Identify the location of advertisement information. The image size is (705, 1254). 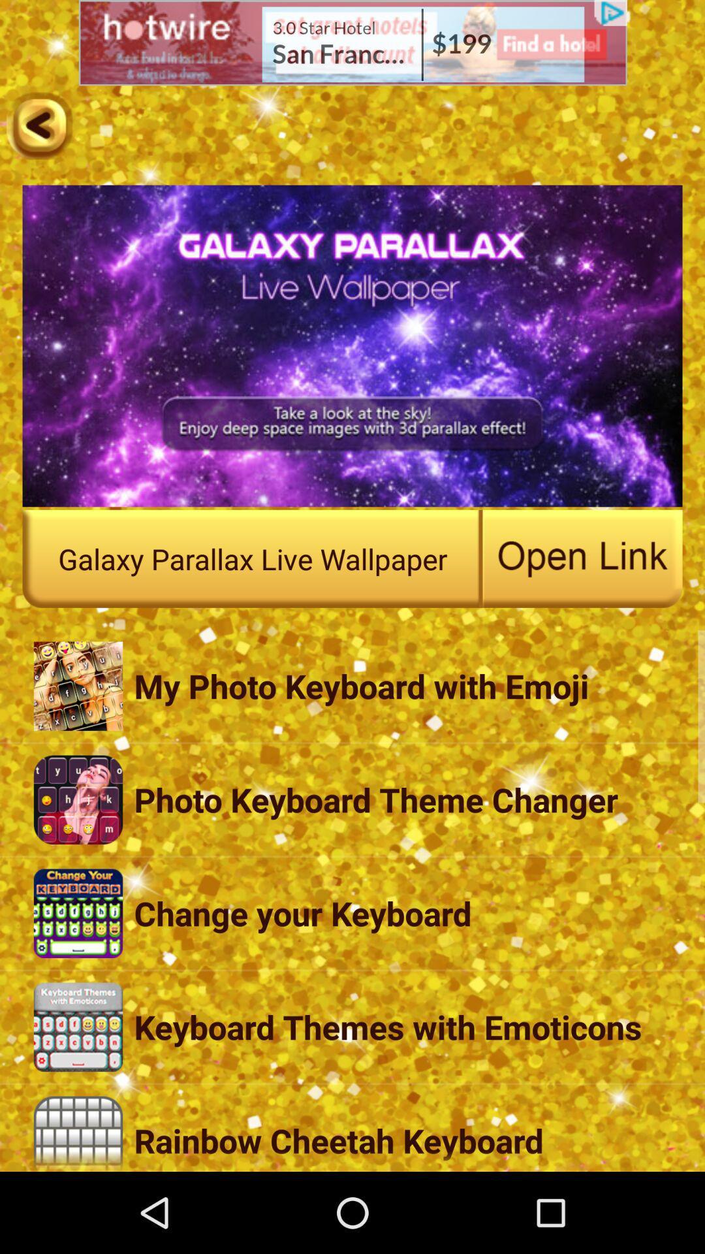
(352, 42).